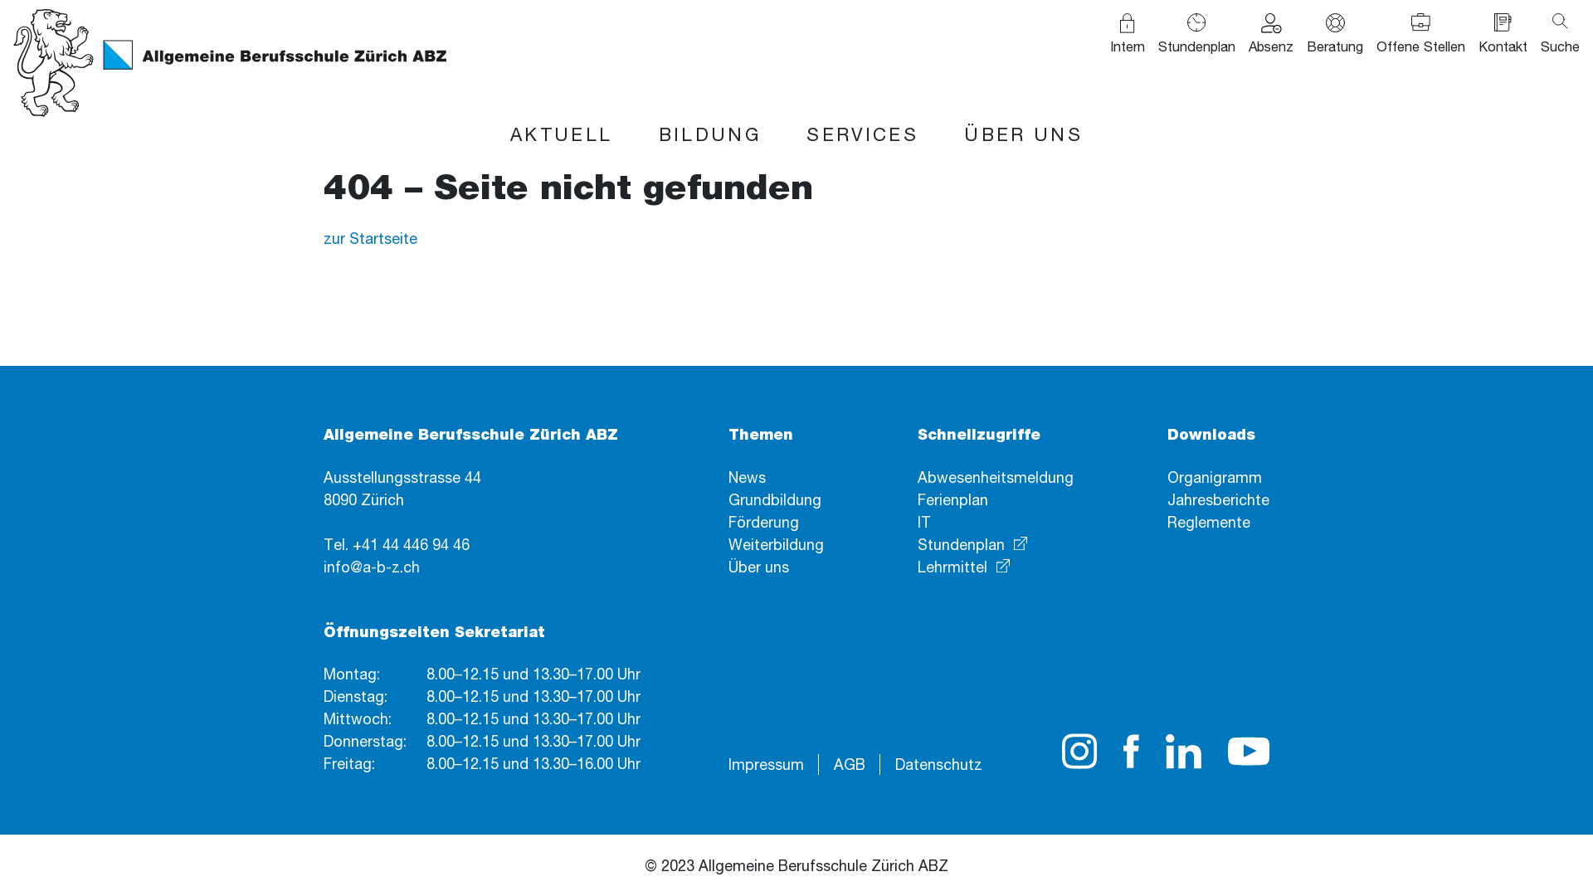 The height and width of the screenshot is (896, 1593). Describe the element at coordinates (849, 764) in the screenshot. I see `'AGB'` at that location.